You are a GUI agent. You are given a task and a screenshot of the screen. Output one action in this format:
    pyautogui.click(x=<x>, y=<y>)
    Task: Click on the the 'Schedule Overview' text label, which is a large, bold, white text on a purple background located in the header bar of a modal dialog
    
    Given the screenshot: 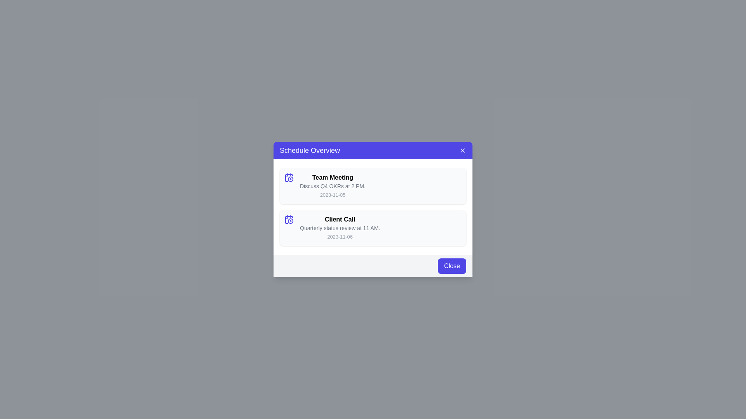 What is the action you would take?
    pyautogui.click(x=309, y=151)
    